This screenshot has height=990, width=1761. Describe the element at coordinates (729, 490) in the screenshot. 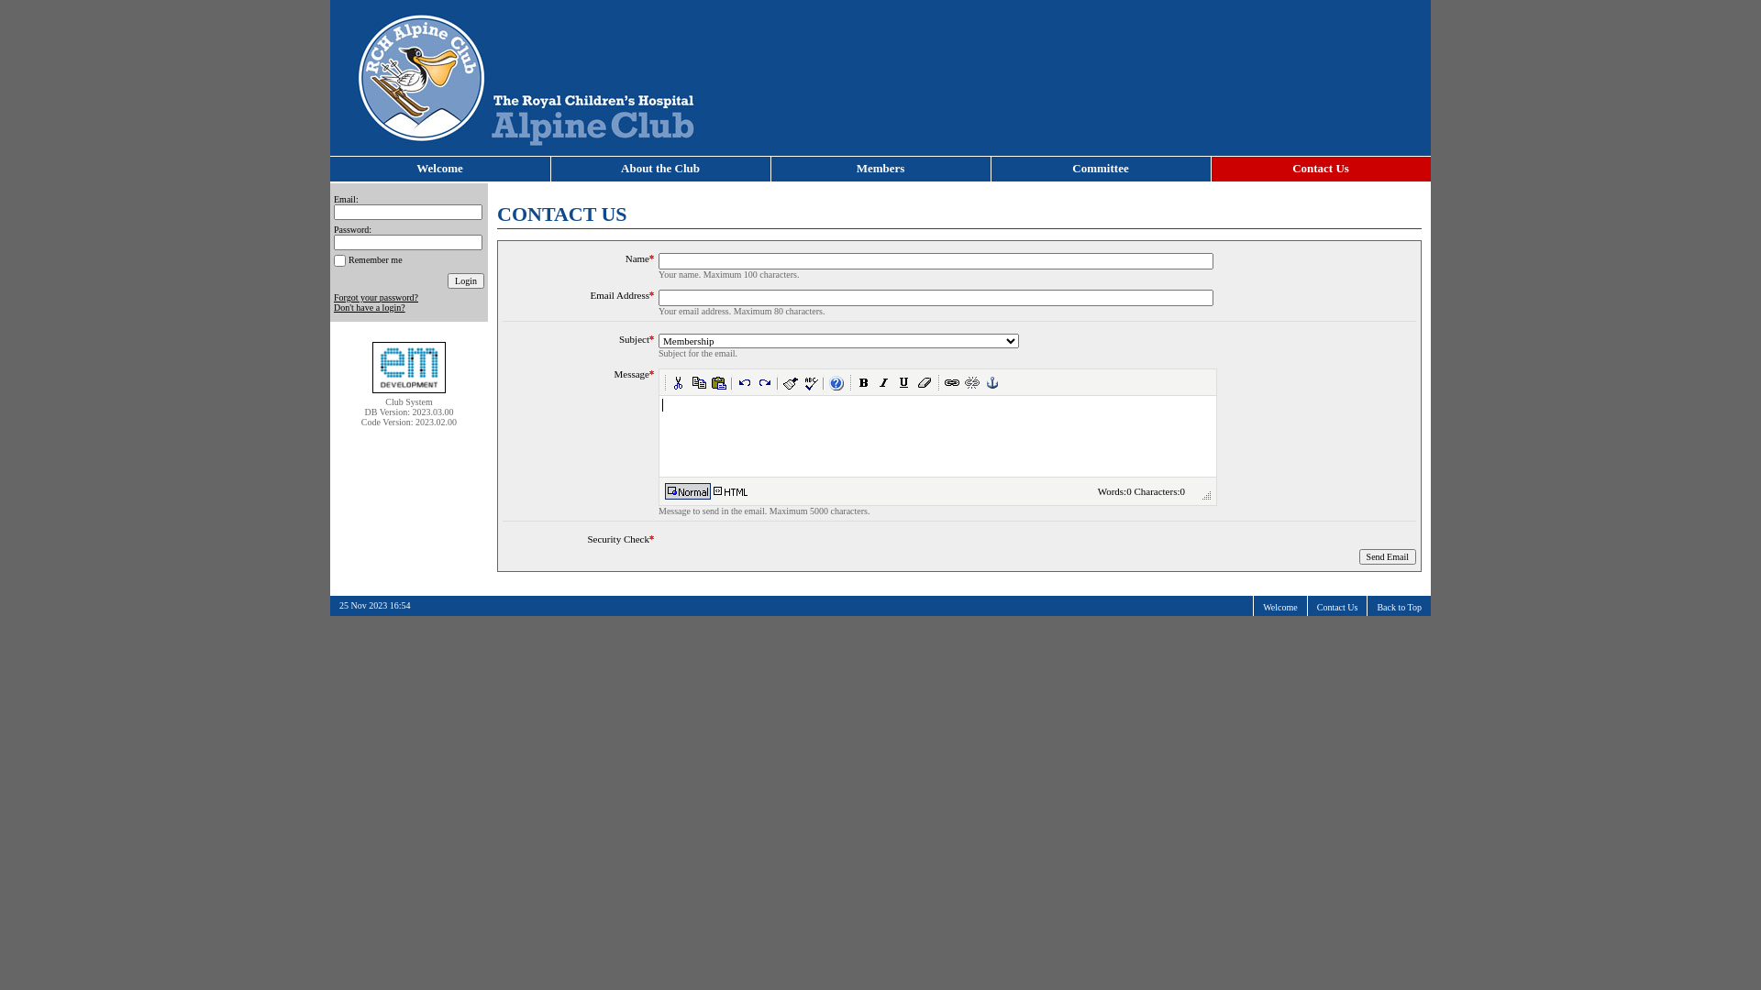

I see `'HTML'` at that location.